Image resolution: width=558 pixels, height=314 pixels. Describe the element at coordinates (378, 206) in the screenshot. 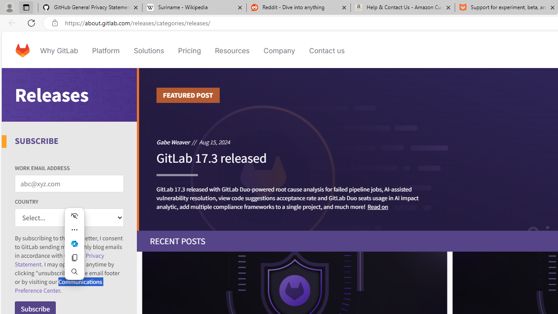

I see `'Read on'` at that location.